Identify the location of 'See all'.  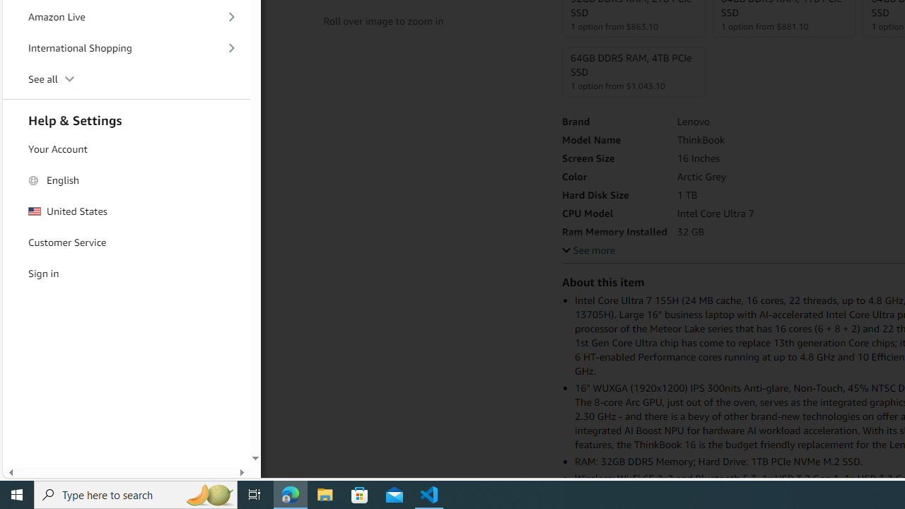
(127, 78).